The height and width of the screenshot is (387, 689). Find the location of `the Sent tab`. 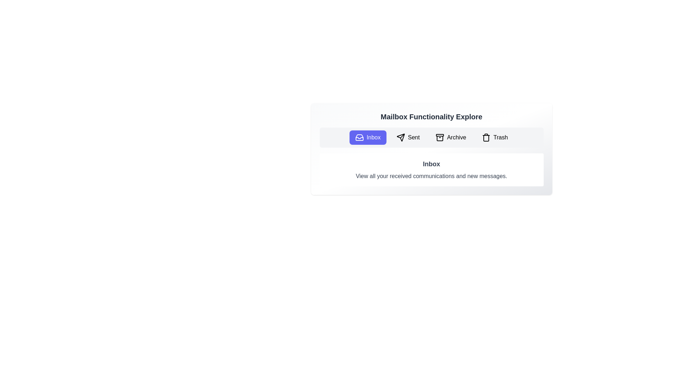

the Sent tab is located at coordinates (408, 138).